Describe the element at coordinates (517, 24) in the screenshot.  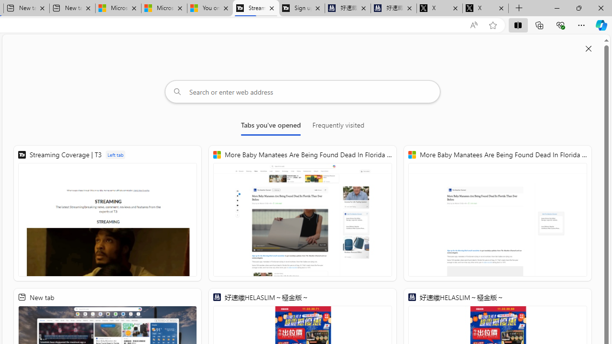
I see `'Split screen'` at that location.